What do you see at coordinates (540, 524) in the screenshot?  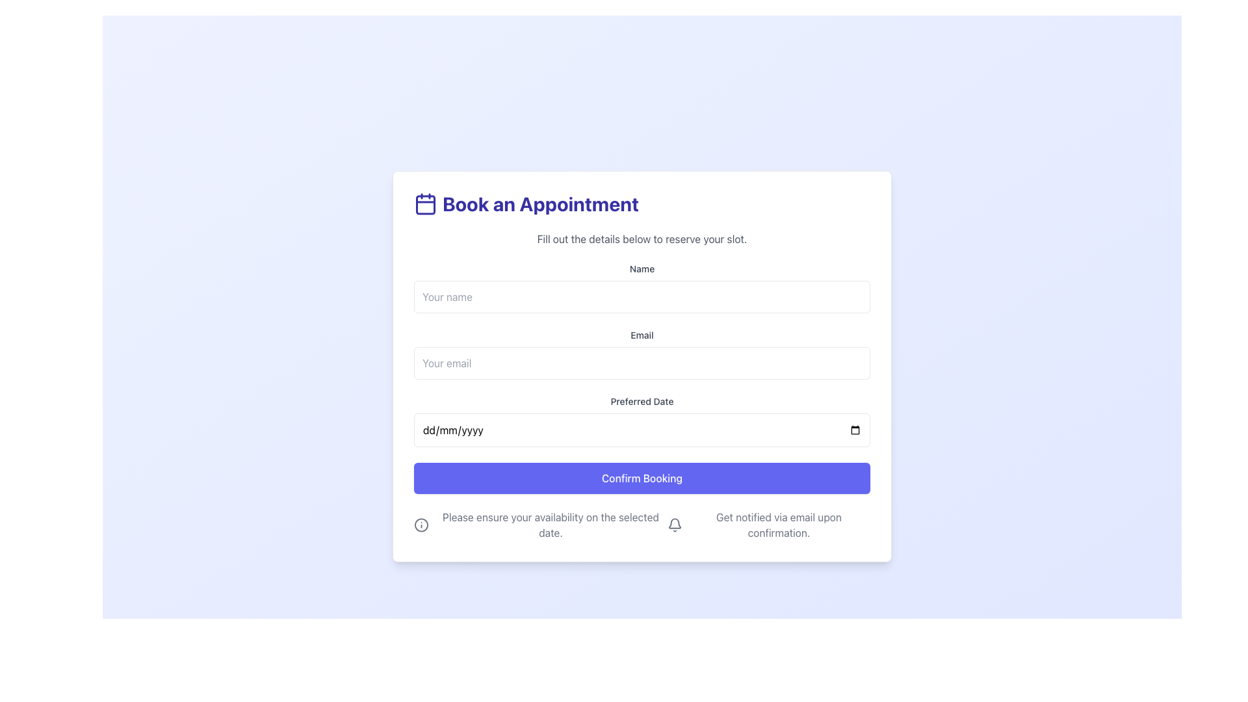 I see `information from the text label that reads 'Please ensure your availability on the selected date.' located near the bottom section of the interface` at bounding box center [540, 524].